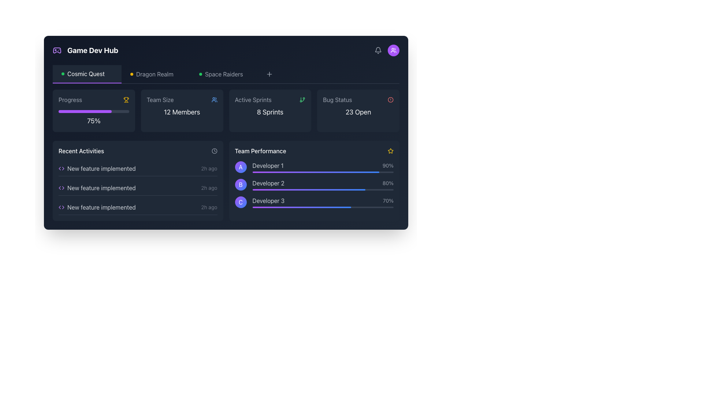  What do you see at coordinates (314, 184) in the screenshot?
I see `the performance metrics element for 'Developer 2' in the 'Team Performance' section, which includes labels, icons, and progress indicators` at bounding box center [314, 184].